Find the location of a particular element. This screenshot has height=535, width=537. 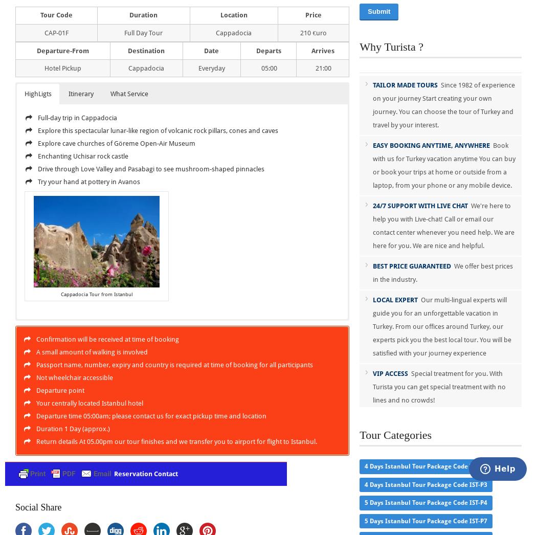

'Price' is located at coordinates (313, 14).